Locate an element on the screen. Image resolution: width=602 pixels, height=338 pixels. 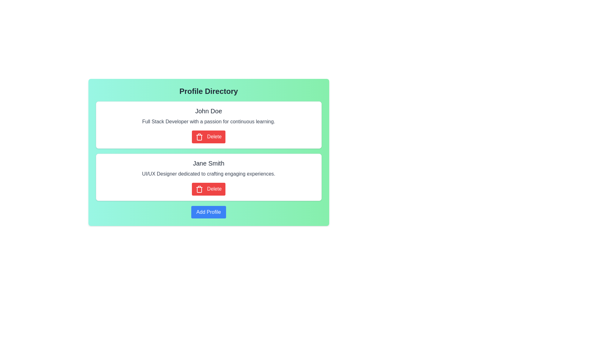
the text heading displaying 'Profile Directory' in bold, large black font, located at the top of the card-like interface with a gradient background is located at coordinates (209, 91).